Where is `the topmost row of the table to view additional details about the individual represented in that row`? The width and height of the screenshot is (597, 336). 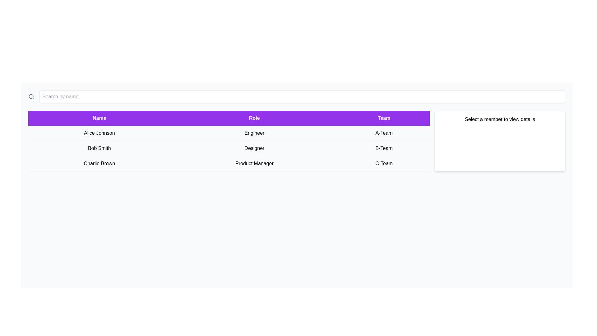 the topmost row of the table to view additional details about the individual represented in that row is located at coordinates (229, 133).